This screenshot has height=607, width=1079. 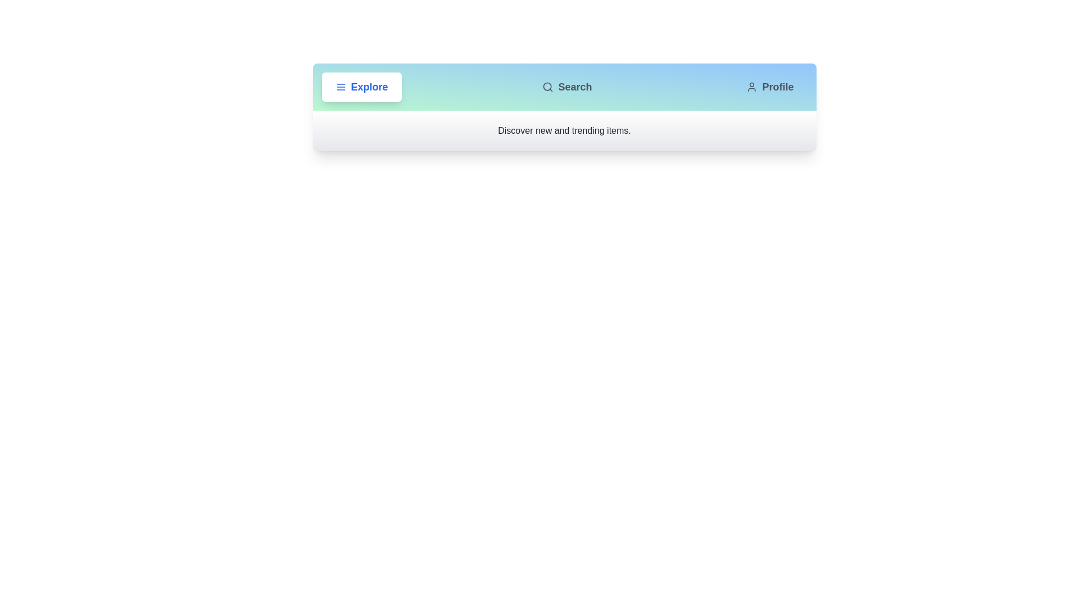 I want to click on the tab Profile by clicking on its button, so click(x=769, y=86).